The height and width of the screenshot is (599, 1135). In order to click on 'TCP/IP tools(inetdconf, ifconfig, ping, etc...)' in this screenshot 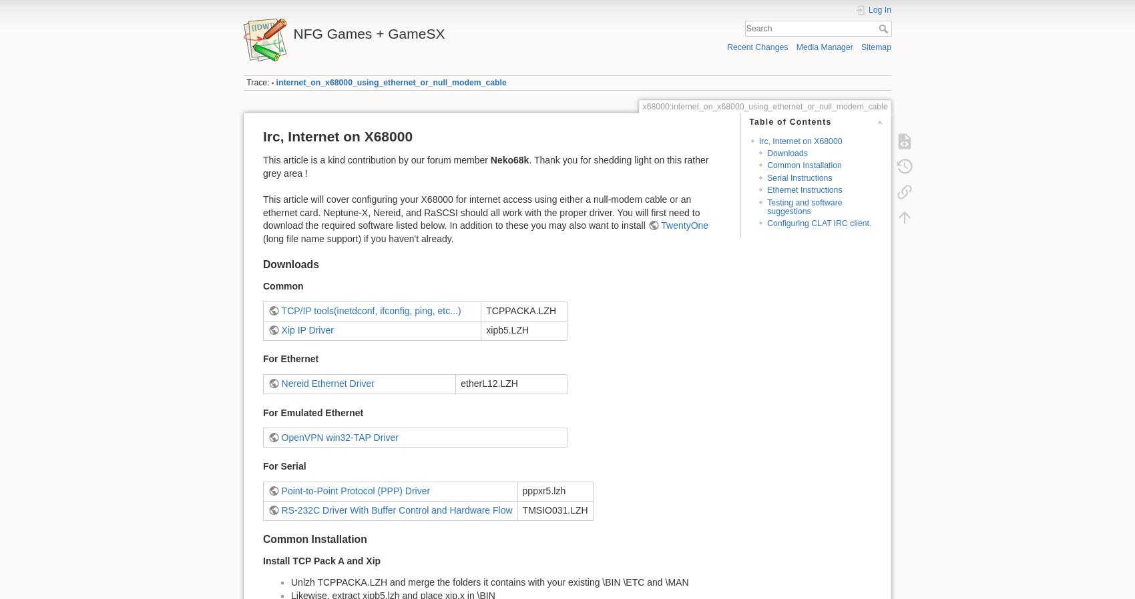, I will do `click(280, 309)`.